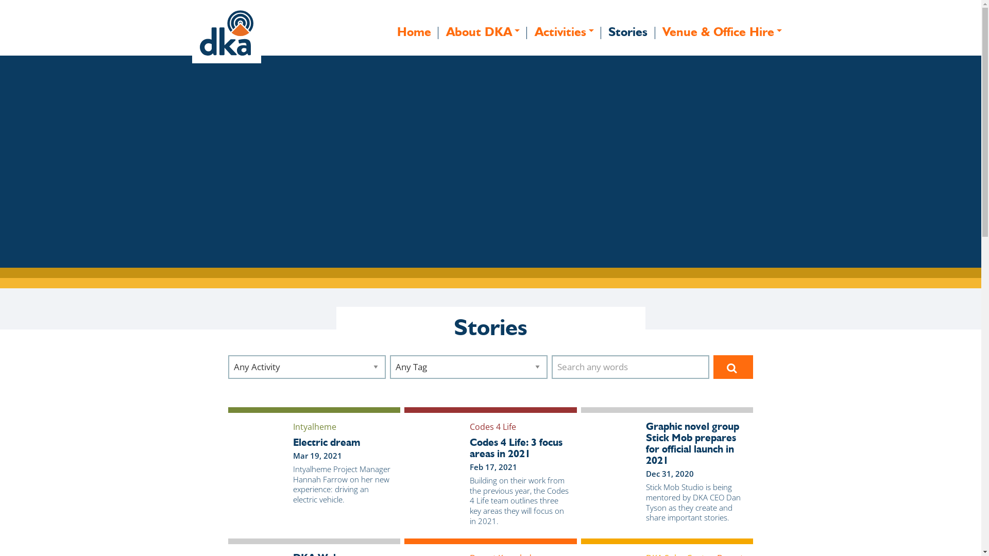 The width and height of the screenshot is (989, 556). I want to click on 'Activities', so click(526, 31).